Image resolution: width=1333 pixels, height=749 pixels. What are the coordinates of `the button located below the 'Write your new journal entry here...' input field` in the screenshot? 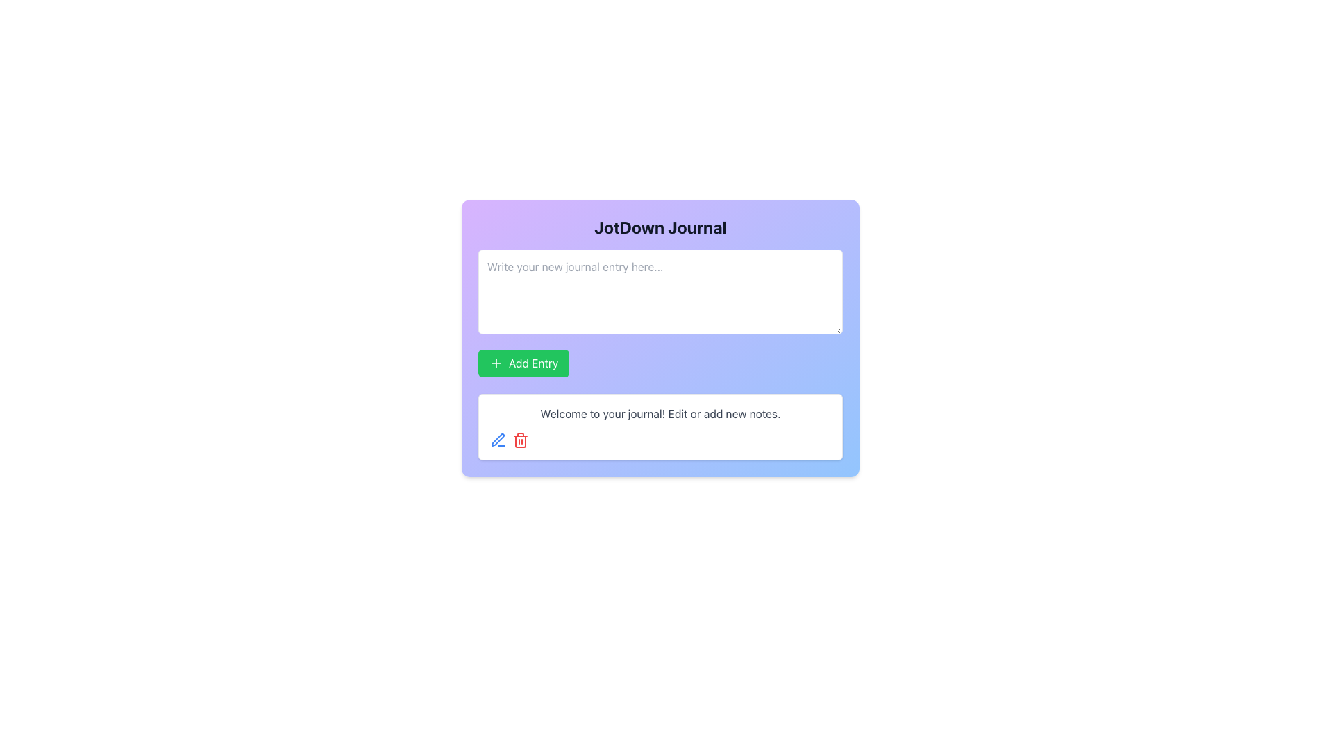 It's located at (522, 363).